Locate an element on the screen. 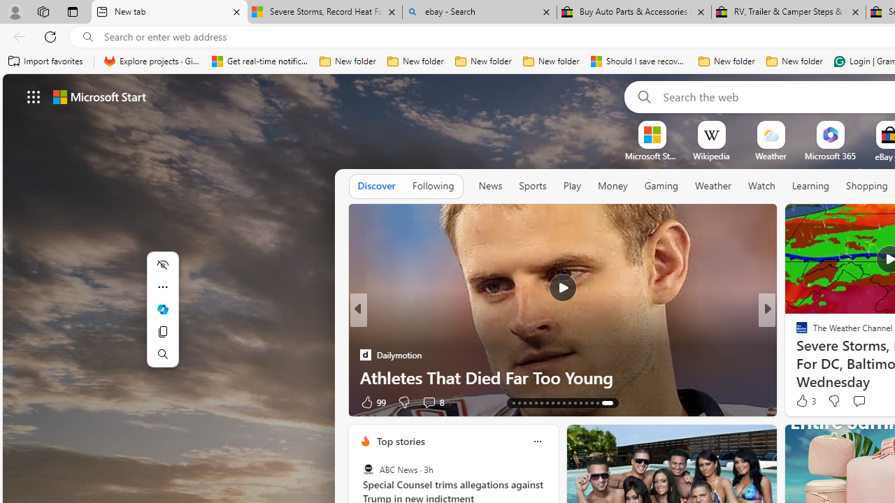 Image resolution: width=895 pixels, height=503 pixels. 'Mini menu on text selection' is located at coordinates (162, 308).